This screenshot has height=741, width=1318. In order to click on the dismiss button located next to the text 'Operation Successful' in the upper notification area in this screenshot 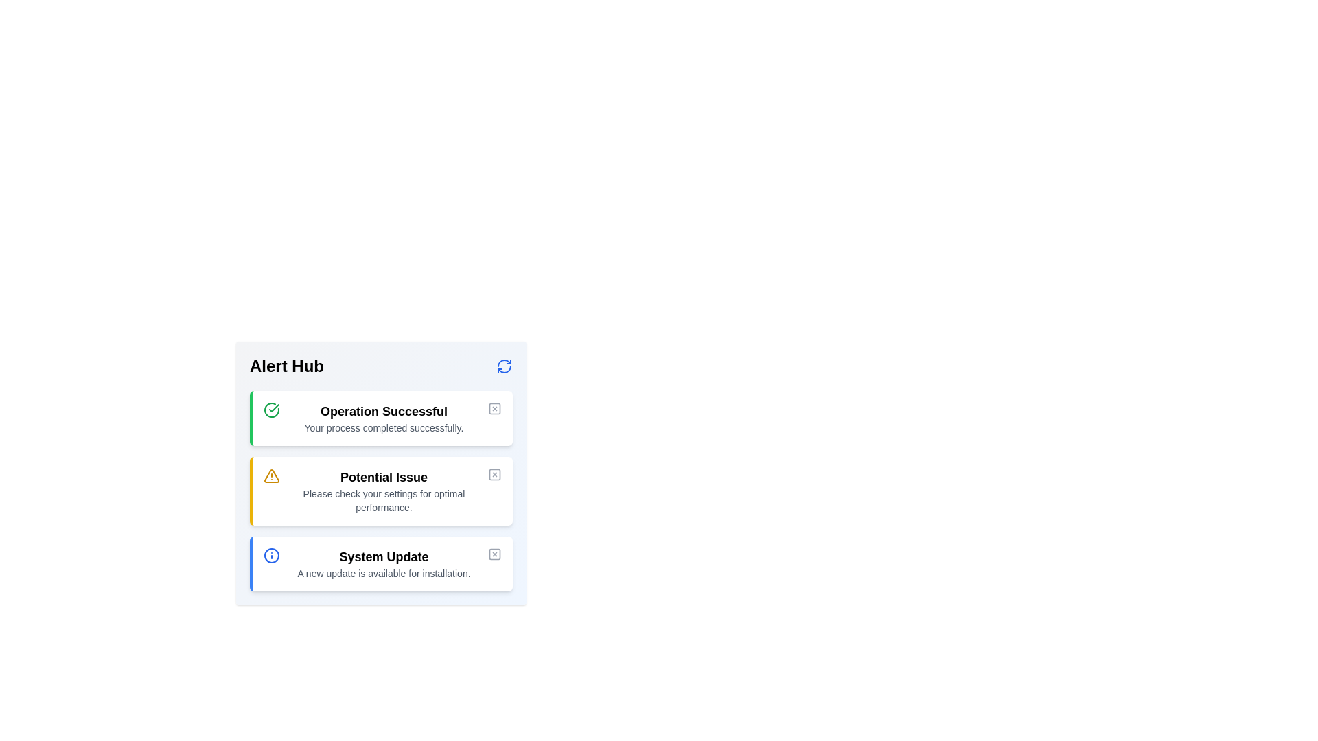, I will do `click(494, 408)`.